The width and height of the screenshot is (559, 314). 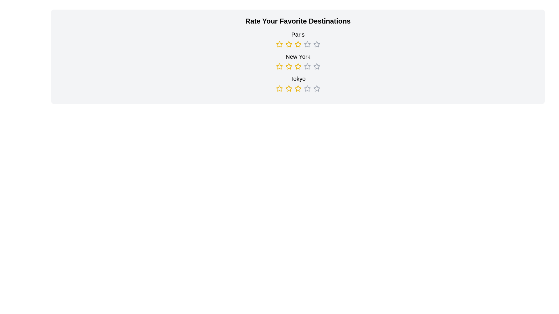 What do you see at coordinates (298, 66) in the screenshot?
I see `the second star icon in the rating system for 'New York'` at bounding box center [298, 66].